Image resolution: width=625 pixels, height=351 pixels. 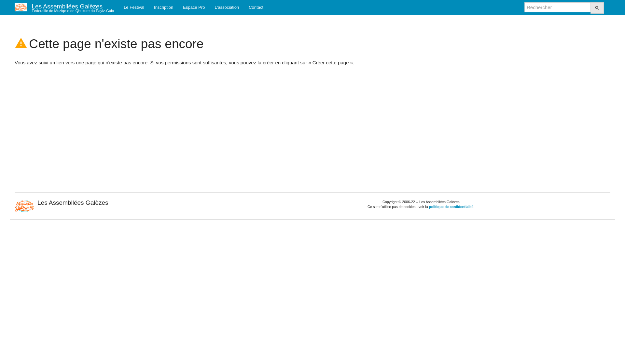 What do you see at coordinates (133, 7) in the screenshot?
I see `'Le Festival'` at bounding box center [133, 7].